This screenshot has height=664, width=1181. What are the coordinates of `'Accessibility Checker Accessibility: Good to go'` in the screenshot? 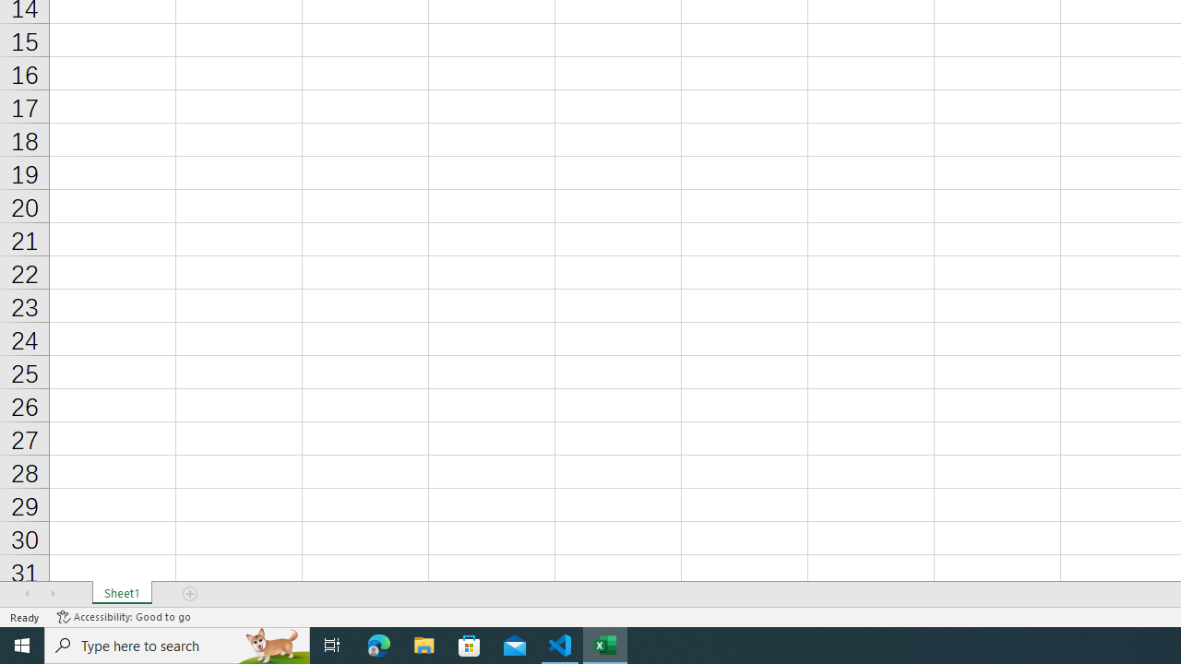 It's located at (123, 617).